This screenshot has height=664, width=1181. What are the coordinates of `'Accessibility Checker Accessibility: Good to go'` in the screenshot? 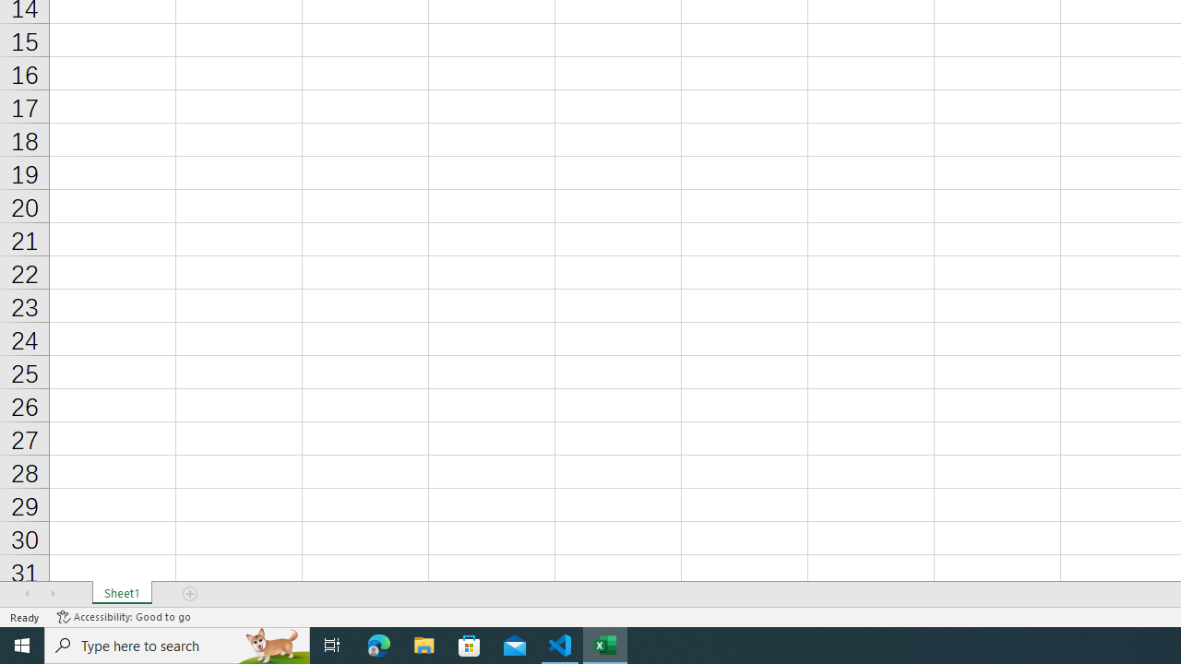 It's located at (123, 617).